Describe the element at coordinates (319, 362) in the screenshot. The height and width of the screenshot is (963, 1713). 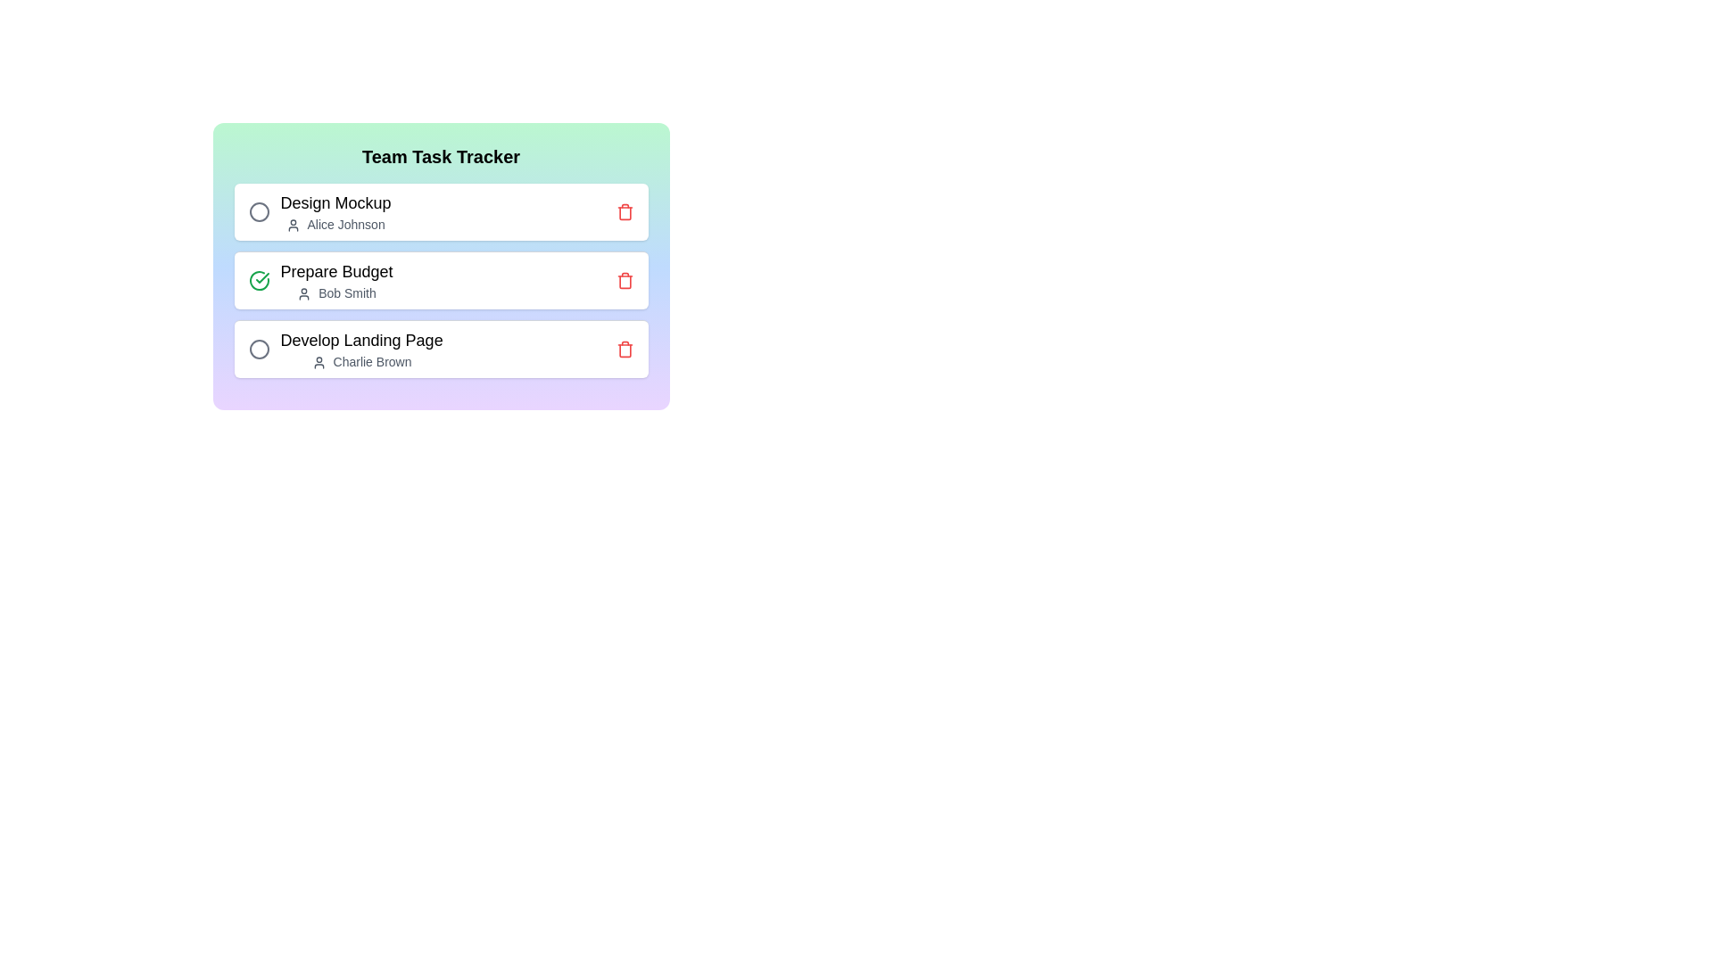
I see `the user icon associated with Develop Landing Page` at that location.